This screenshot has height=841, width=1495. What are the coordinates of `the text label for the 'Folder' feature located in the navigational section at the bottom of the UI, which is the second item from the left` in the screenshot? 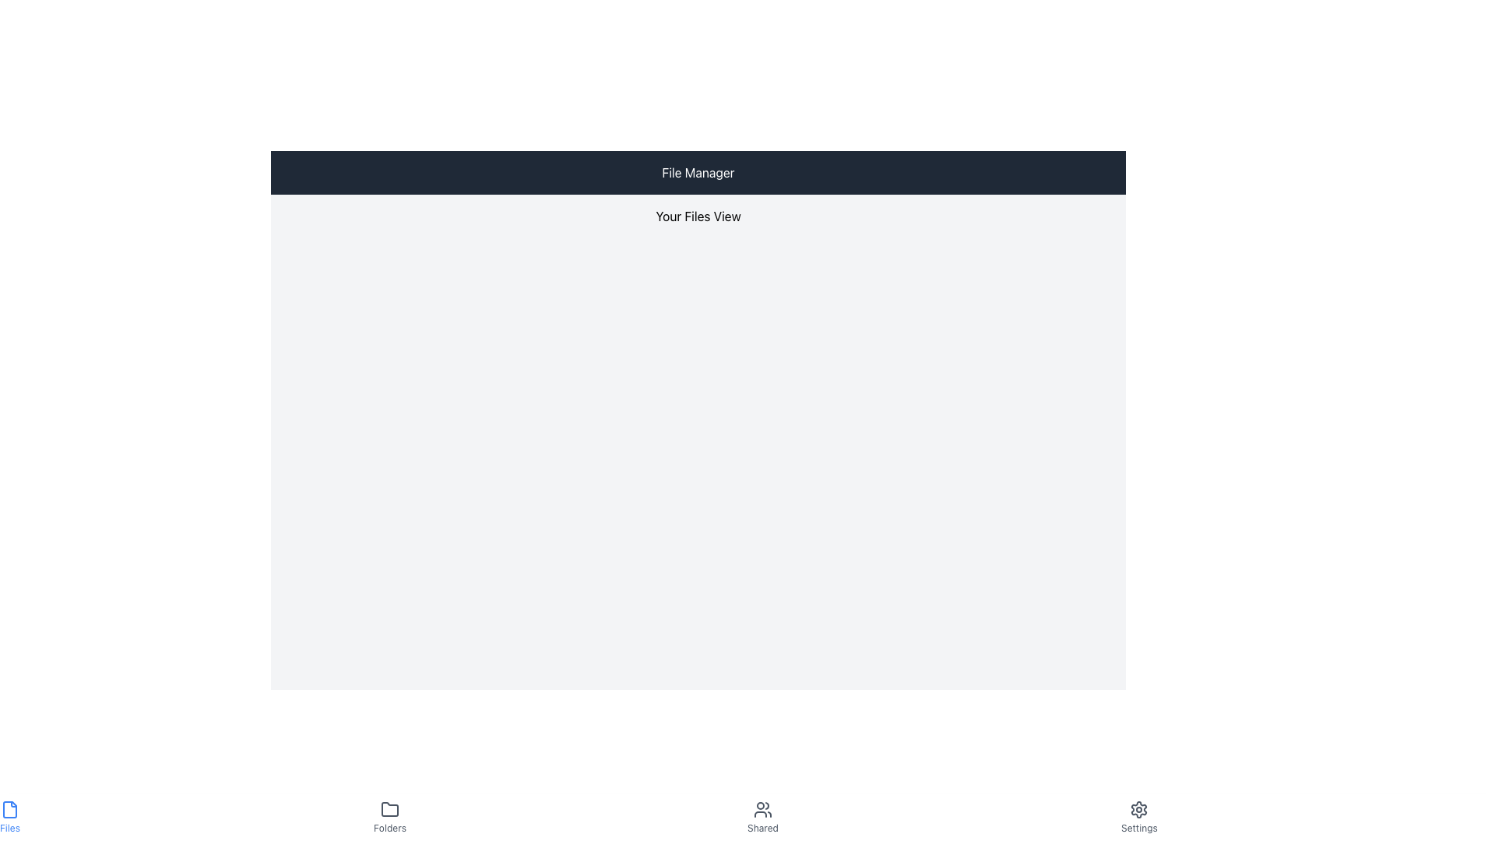 It's located at (389, 828).